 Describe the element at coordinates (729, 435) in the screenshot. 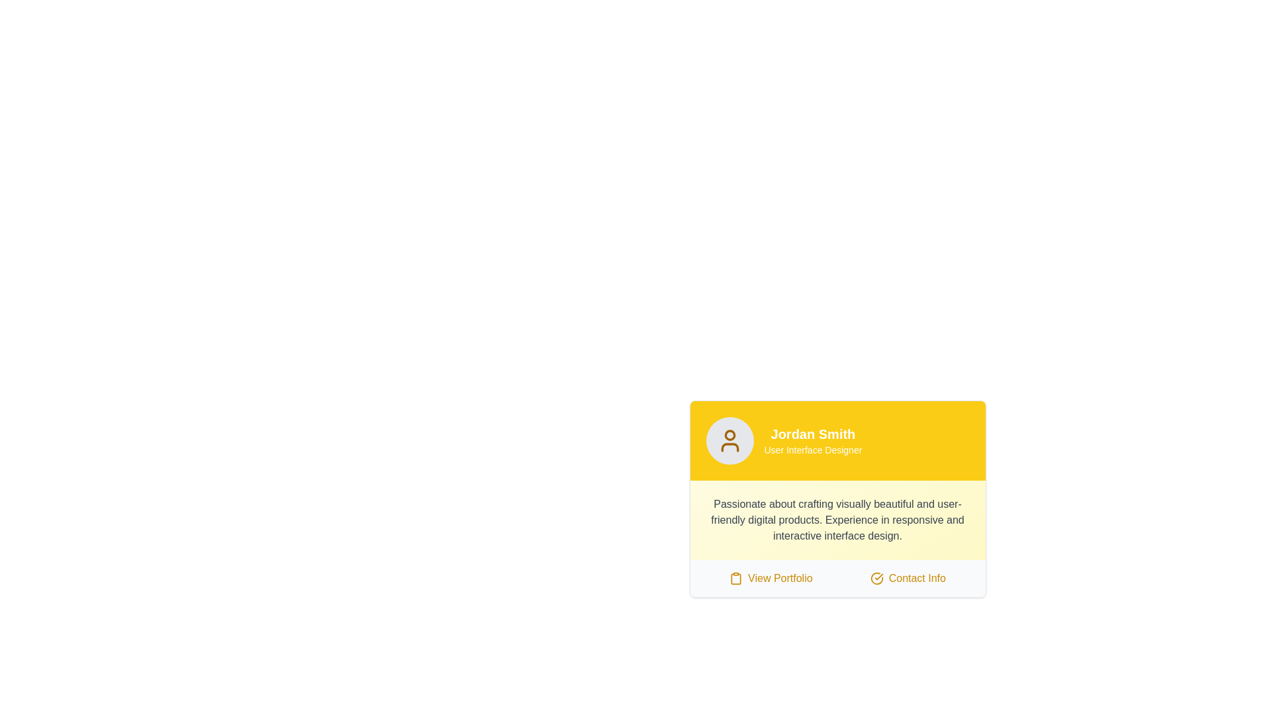

I see `the small yellow-orange circle located at the top of the avatar icon in the user profile card's yellow header` at that location.